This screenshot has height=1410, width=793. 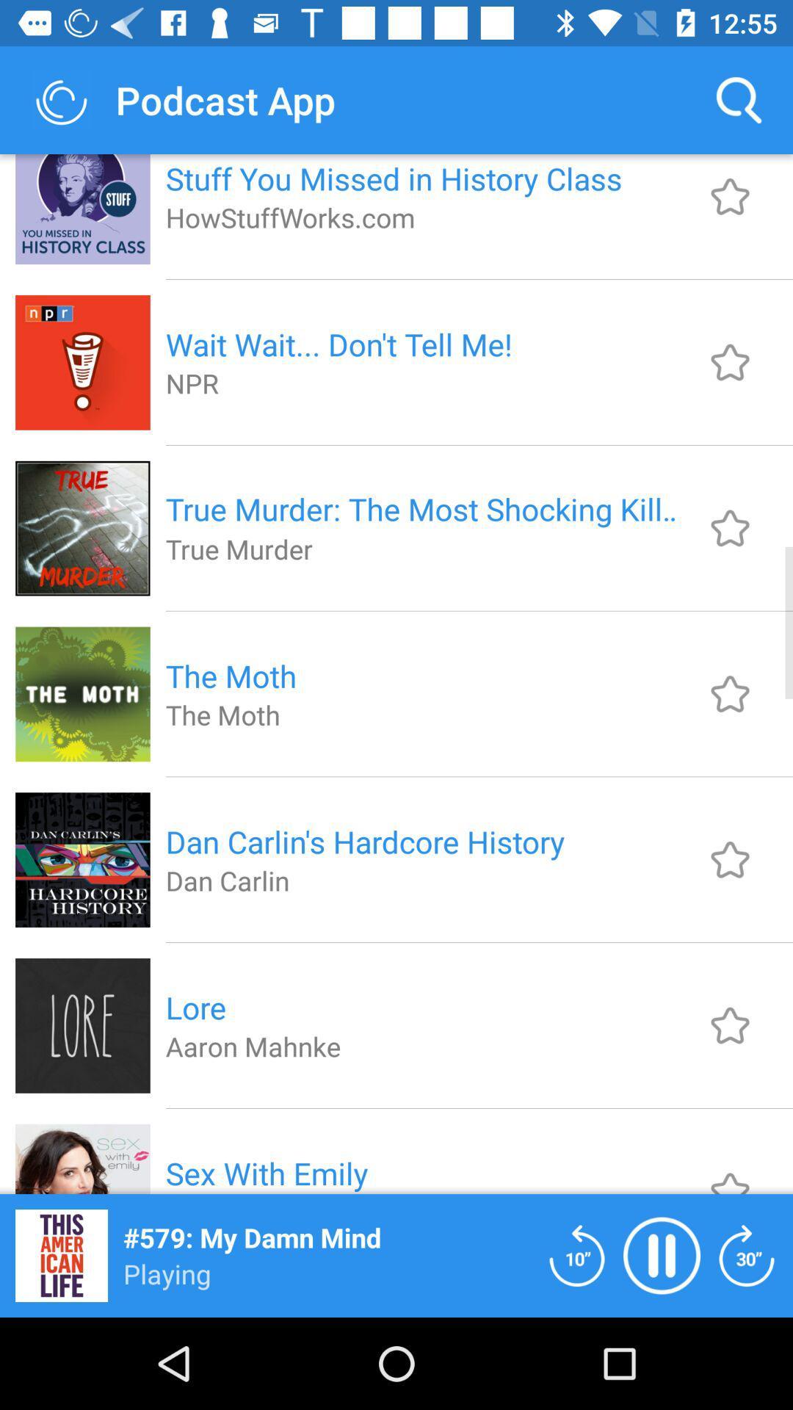 I want to click on the av_forward icon, so click(x=747, y=1254).